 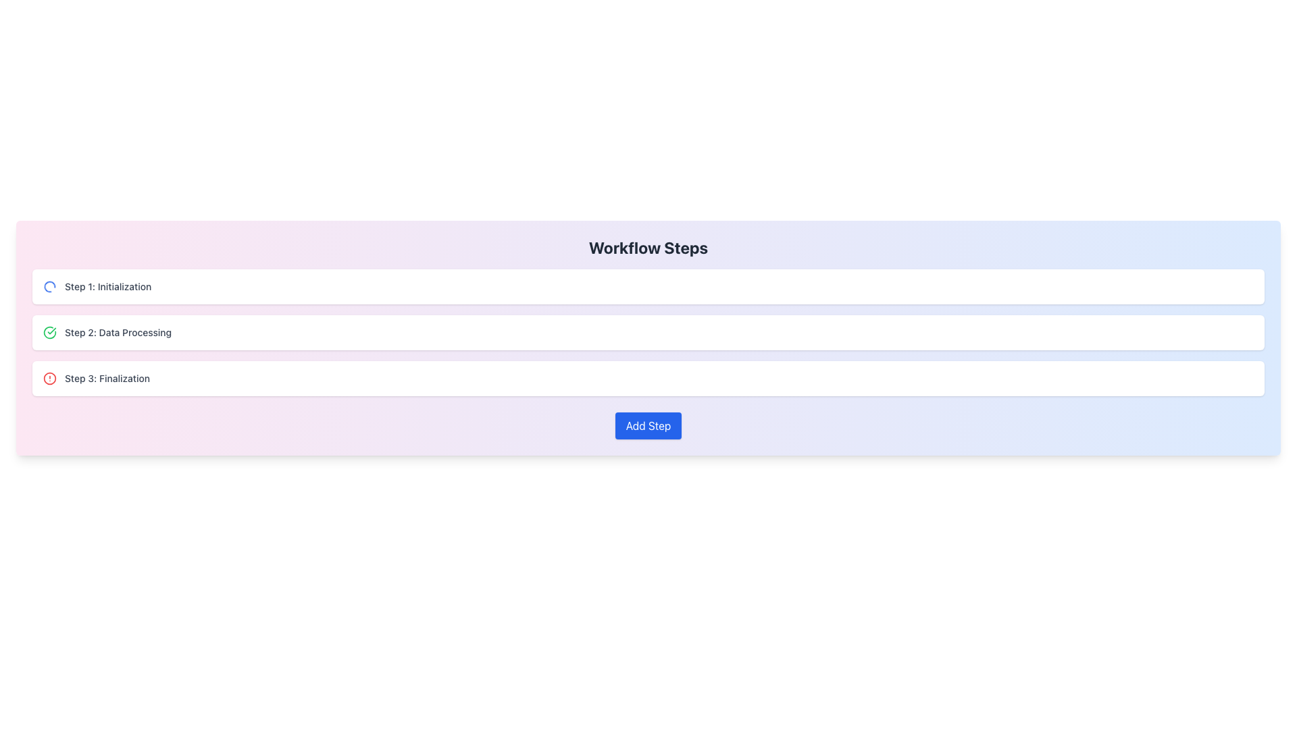 I want to click on the circular loader icon next to the text 'Step 1: Initialization' to interact with it, so click(x=97, y=286).